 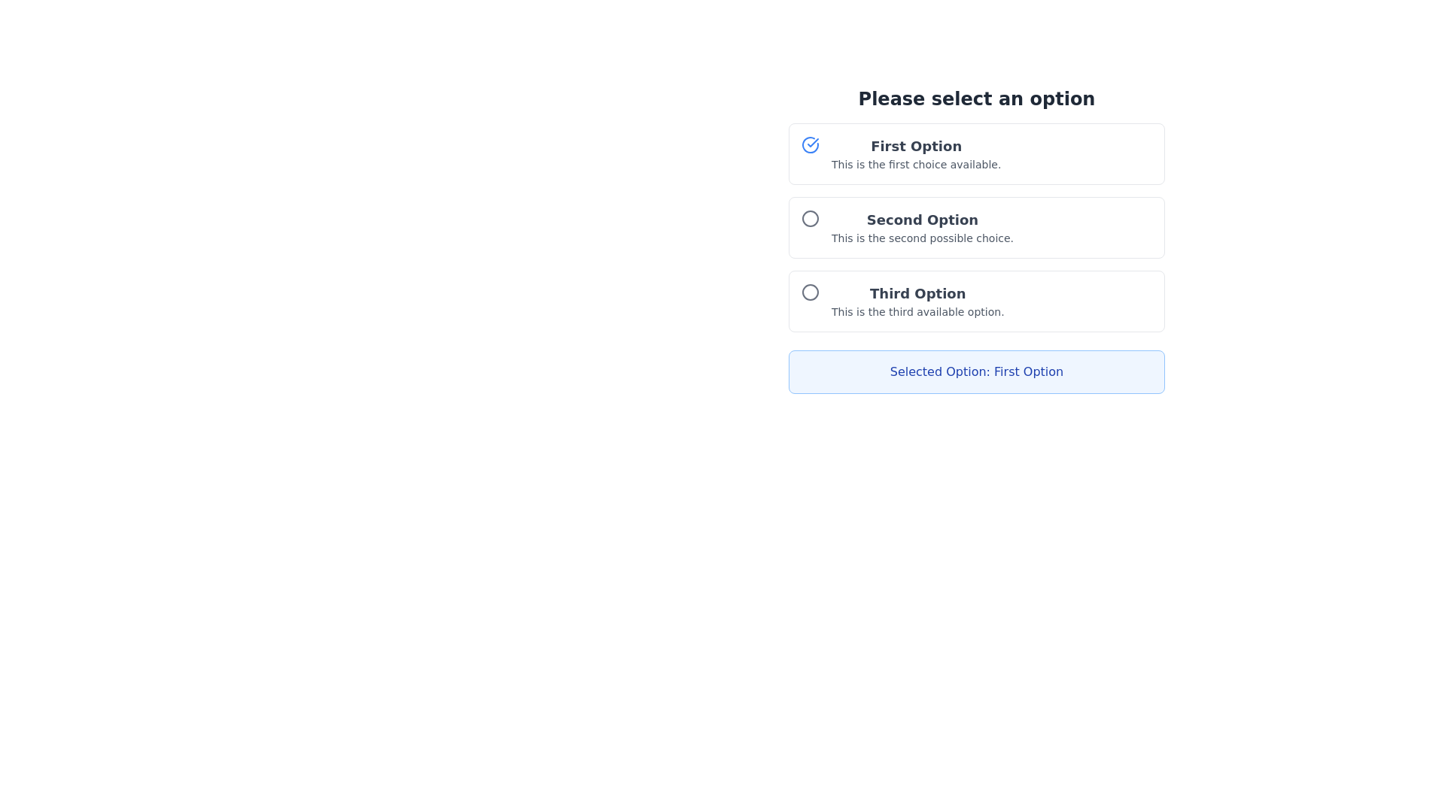 I want to click on displayed text of the Text label or header that serves as the title for the second selectable option, positioned directly below the first option, so click(x=922, y=220).